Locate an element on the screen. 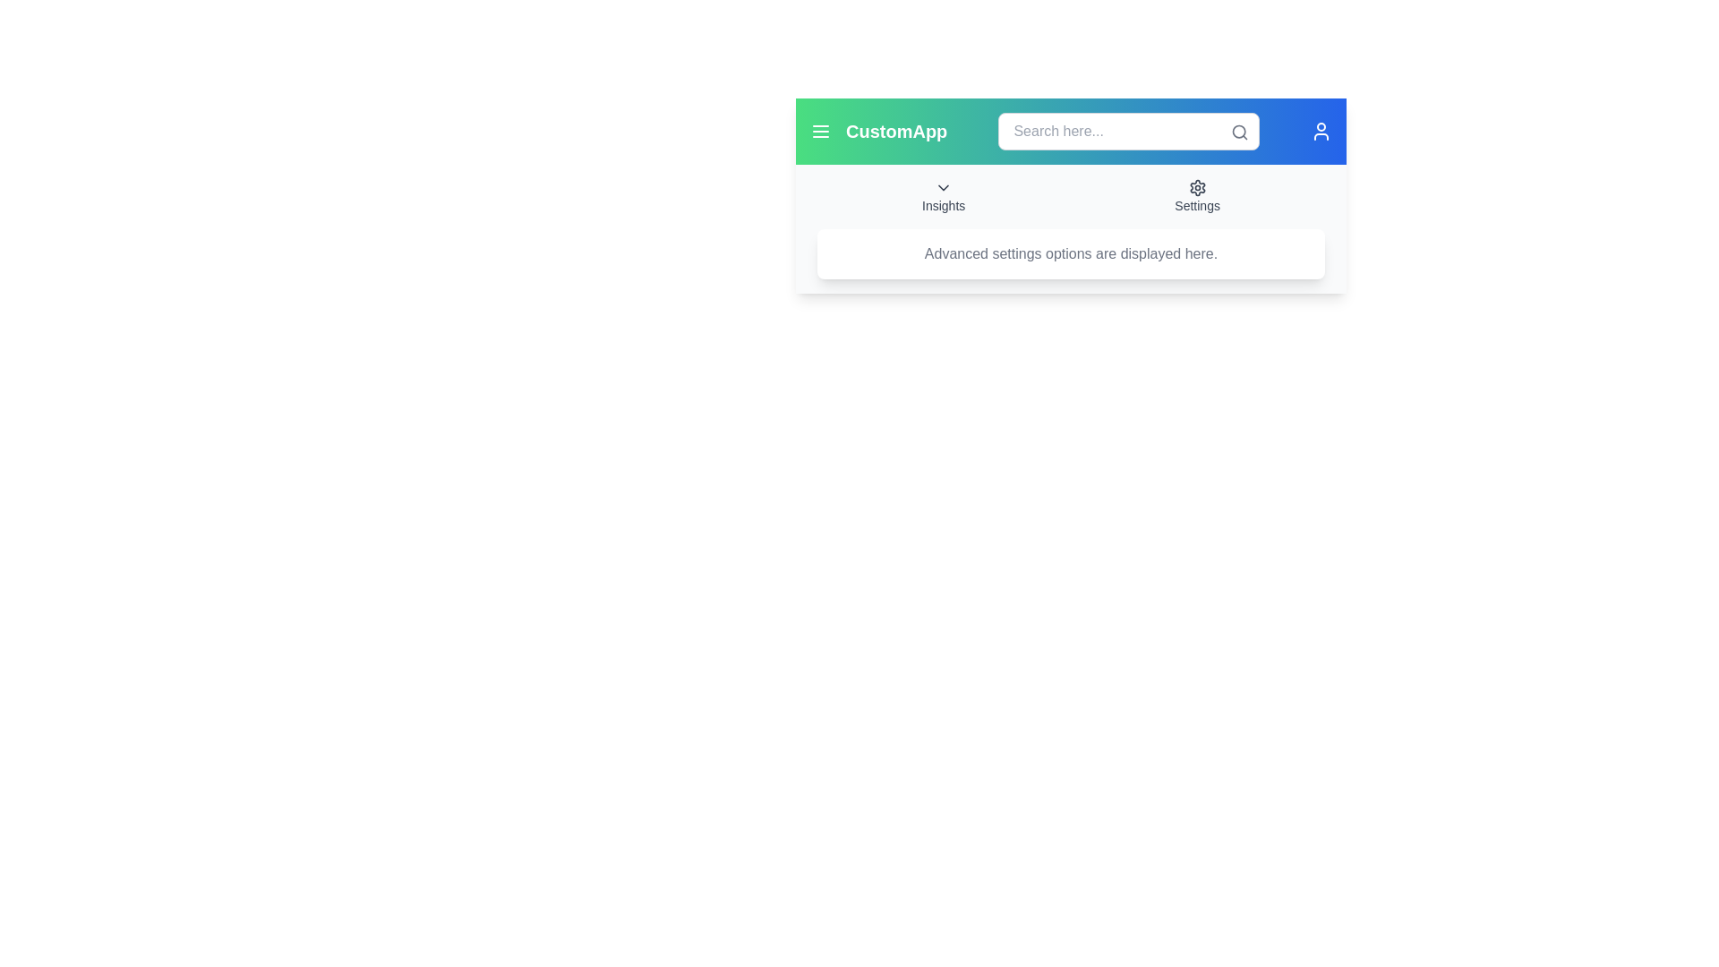  the downward chevron styled SVG icon located above the 'Insights' label in the top navigation bar is located at coordinates (943, 187).